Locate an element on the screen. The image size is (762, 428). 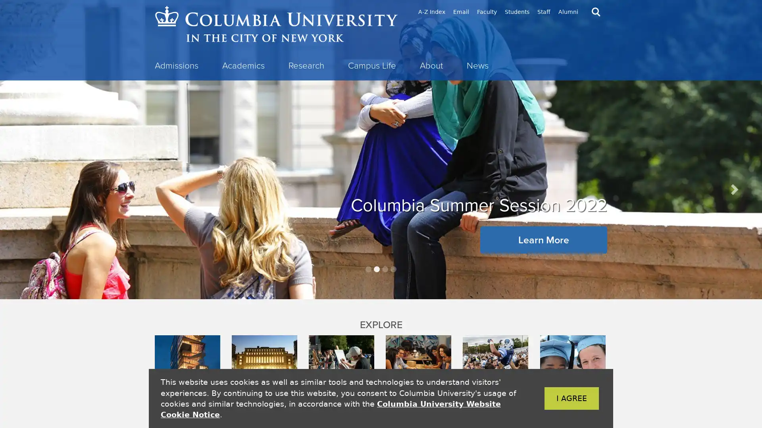
Share Your Thoughts is located at coordinates (381, 245).